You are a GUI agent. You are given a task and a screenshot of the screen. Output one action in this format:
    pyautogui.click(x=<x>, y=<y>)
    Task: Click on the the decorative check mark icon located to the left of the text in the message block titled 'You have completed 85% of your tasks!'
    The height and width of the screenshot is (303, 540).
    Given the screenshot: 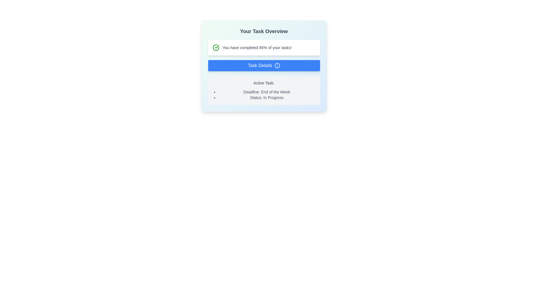 What is the action you would take?
    pyautogui.click(x=215, y=47)
    